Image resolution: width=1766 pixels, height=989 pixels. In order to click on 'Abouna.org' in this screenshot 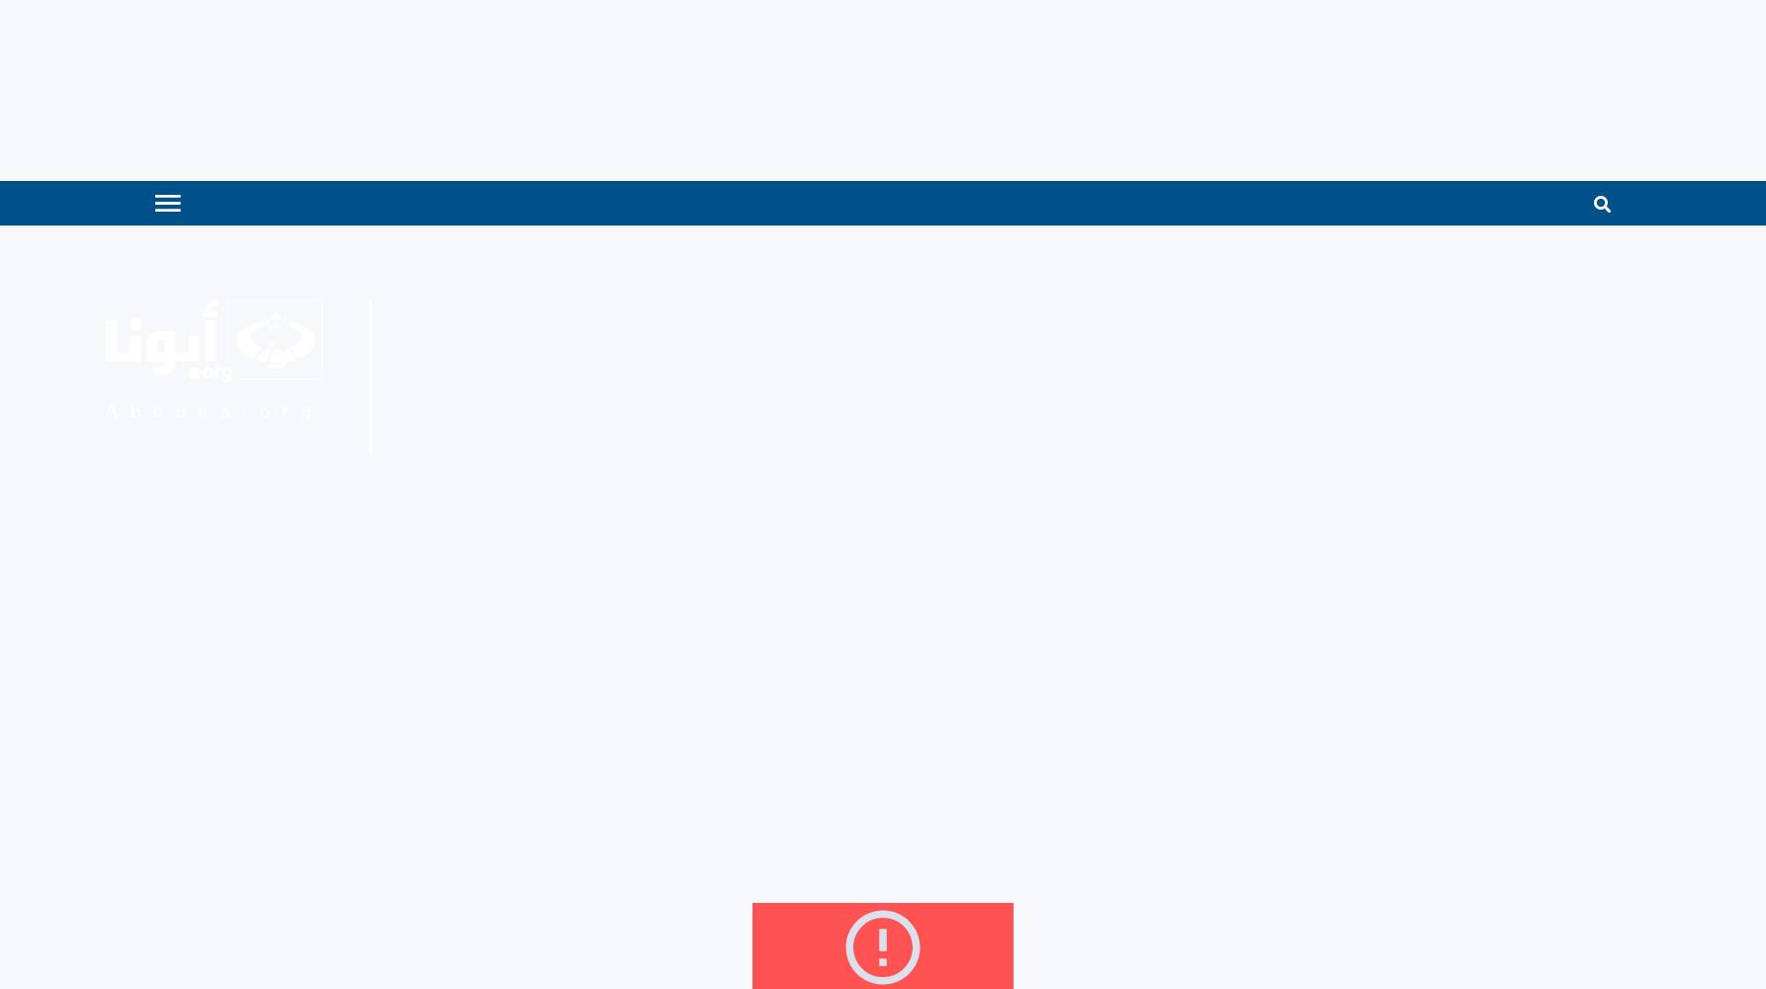, I will do `click(213, 408)`.